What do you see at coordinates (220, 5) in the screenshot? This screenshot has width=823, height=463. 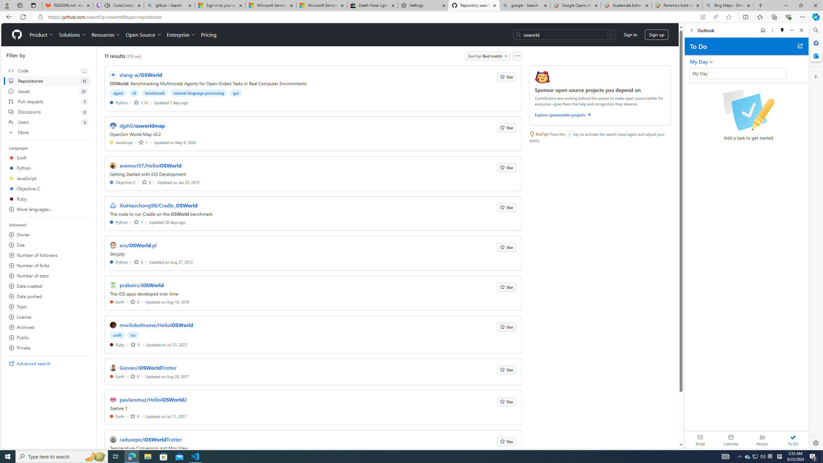 I see `'Sign in to your account'` at bounding box center [220, 5].